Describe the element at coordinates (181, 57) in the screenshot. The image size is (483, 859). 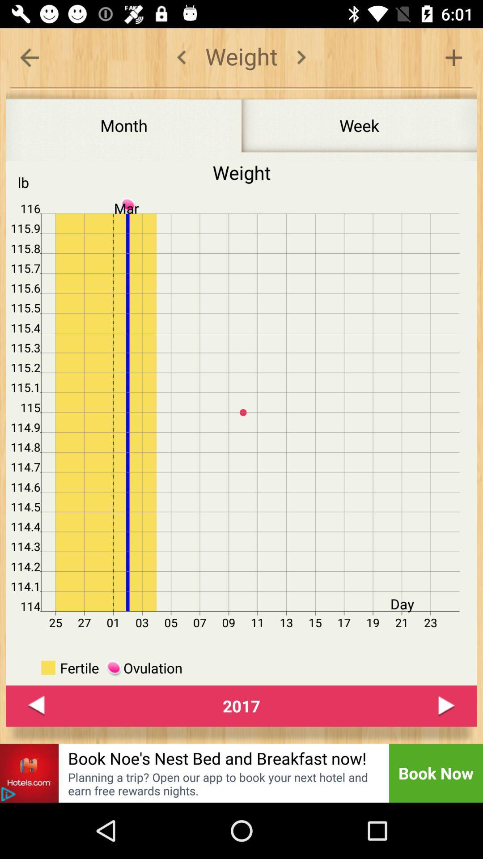
I see `the arrow_backward icon` at that location.